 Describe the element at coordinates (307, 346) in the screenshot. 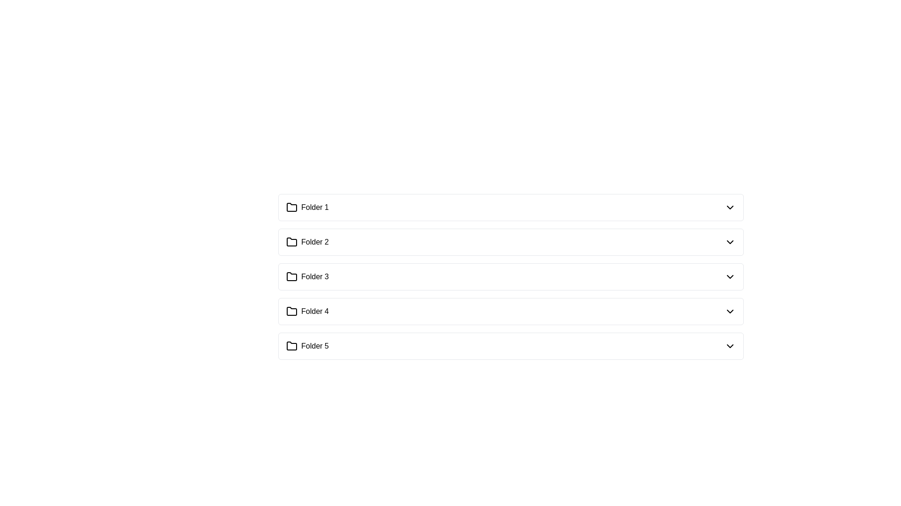

I see `the 'Folder 5' label with an icon` at that location.